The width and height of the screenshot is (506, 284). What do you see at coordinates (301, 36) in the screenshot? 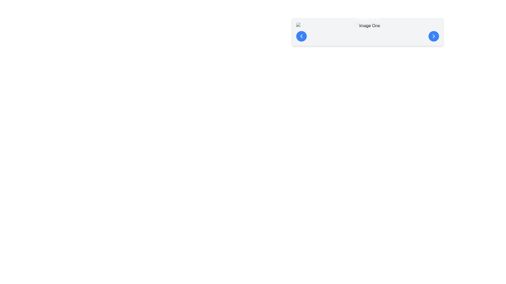
I see `the leftmost navigation button intended to move to the previous item in the sequence, located to the left of the content box labeled 'Image One'` at bounding box center [301, 36].